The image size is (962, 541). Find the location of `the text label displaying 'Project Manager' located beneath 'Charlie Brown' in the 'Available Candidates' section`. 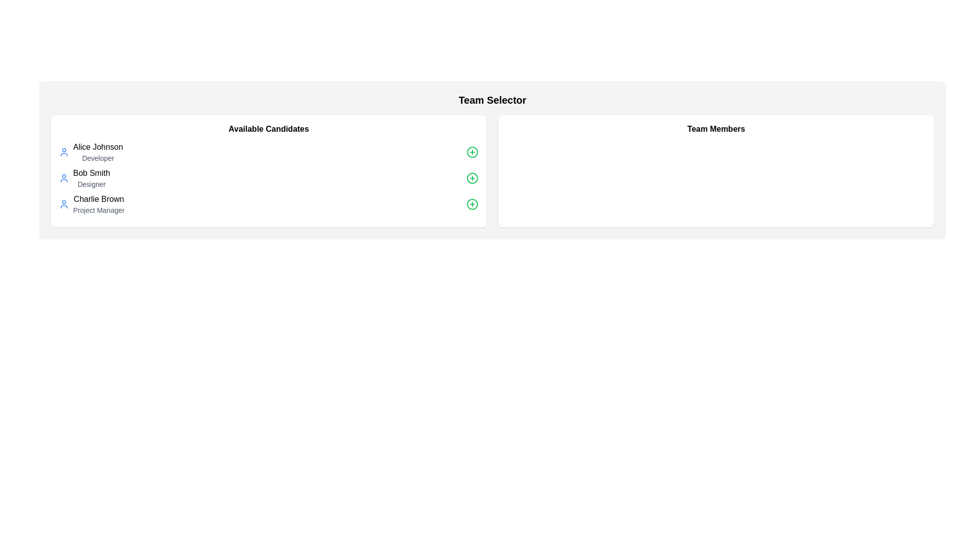

the text label displaying 'Project Manager' located beneath 'Charlie Brown' in the 'Available Candidates' section is located at coordinates (99, 210).